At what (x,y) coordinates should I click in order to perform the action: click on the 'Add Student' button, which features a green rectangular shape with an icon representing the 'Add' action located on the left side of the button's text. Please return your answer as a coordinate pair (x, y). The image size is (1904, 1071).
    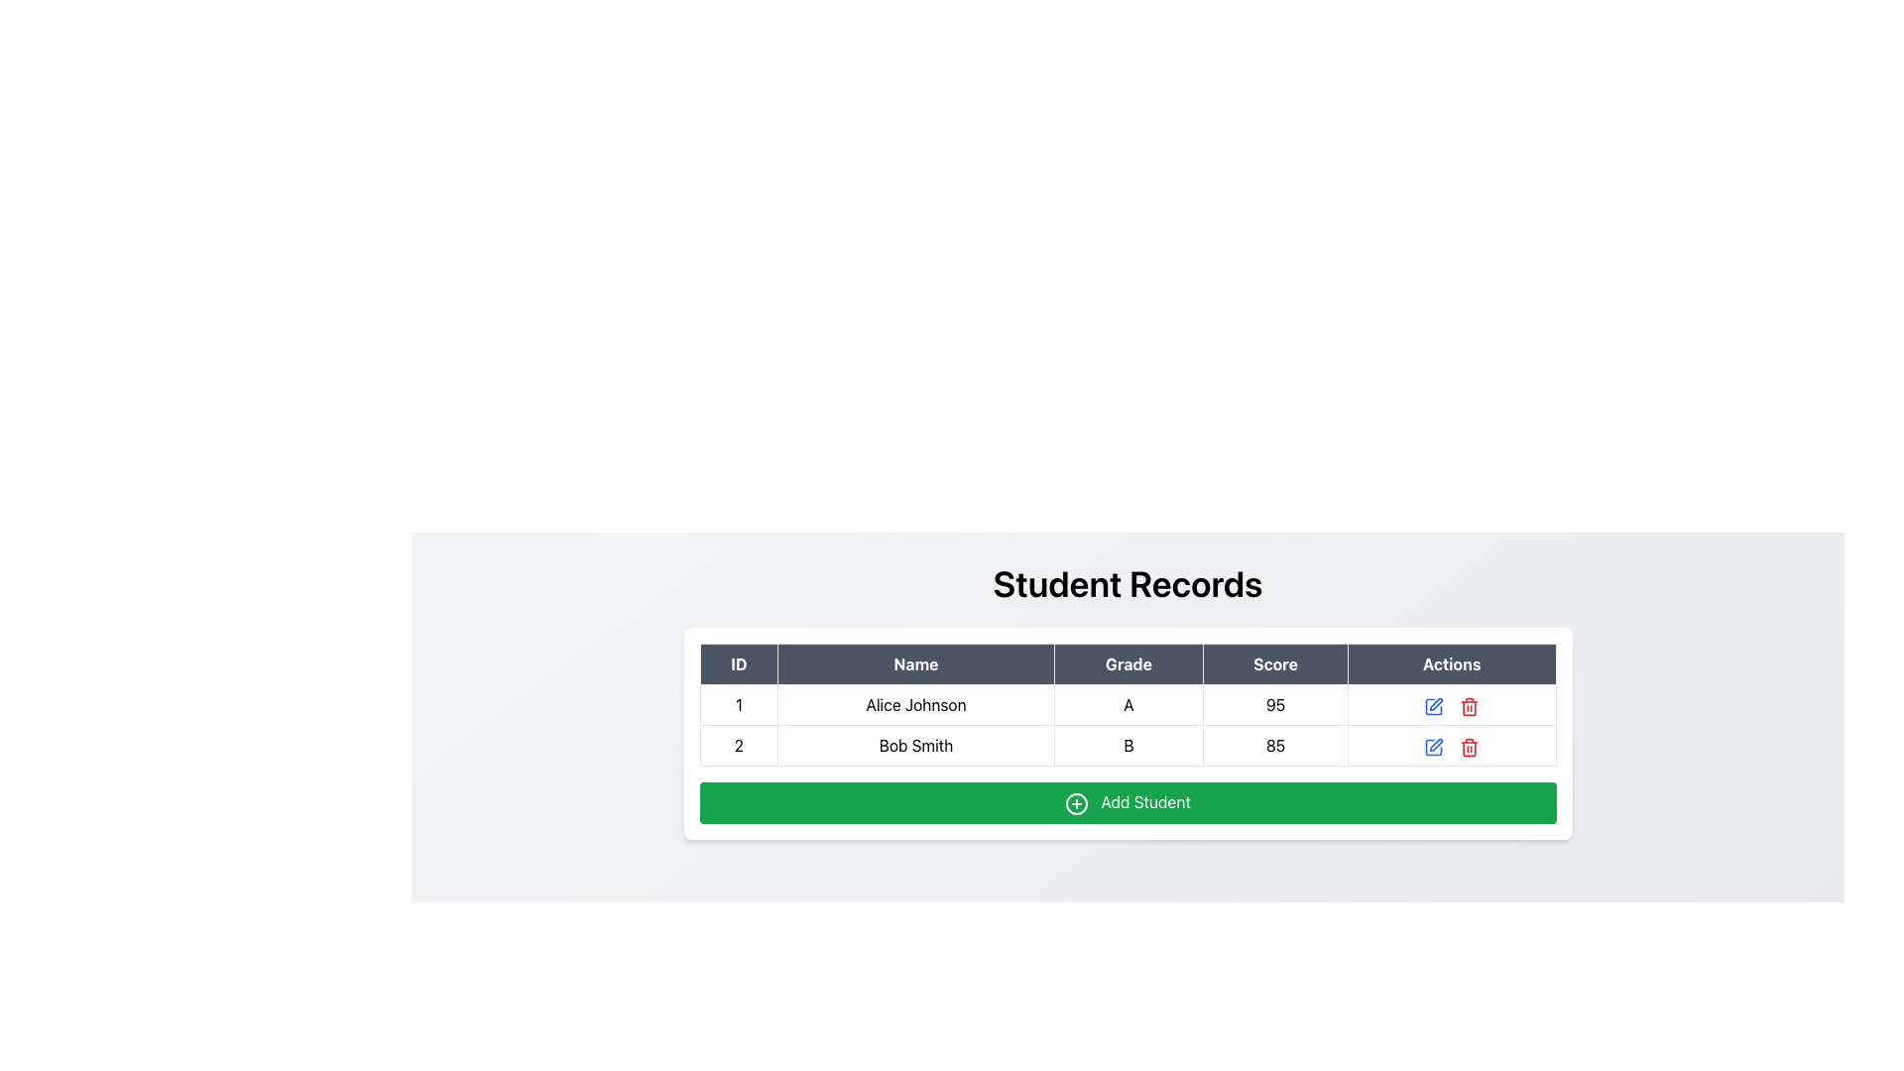
    Looking at the image, I should click on (1076, 803).